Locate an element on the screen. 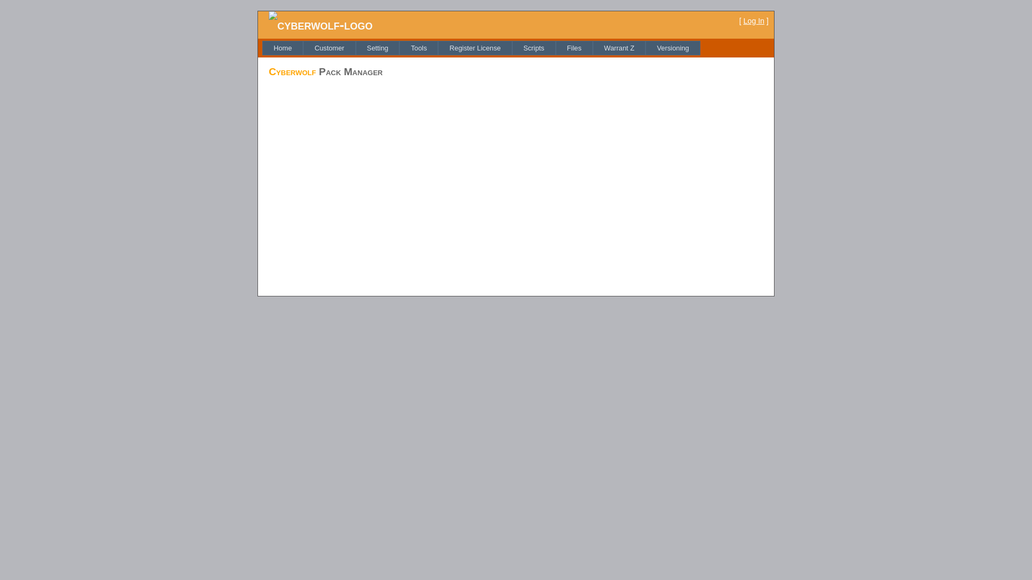 This screenshot has height=580, width=1032. 'Customer' is located at coordinates (328, 47).